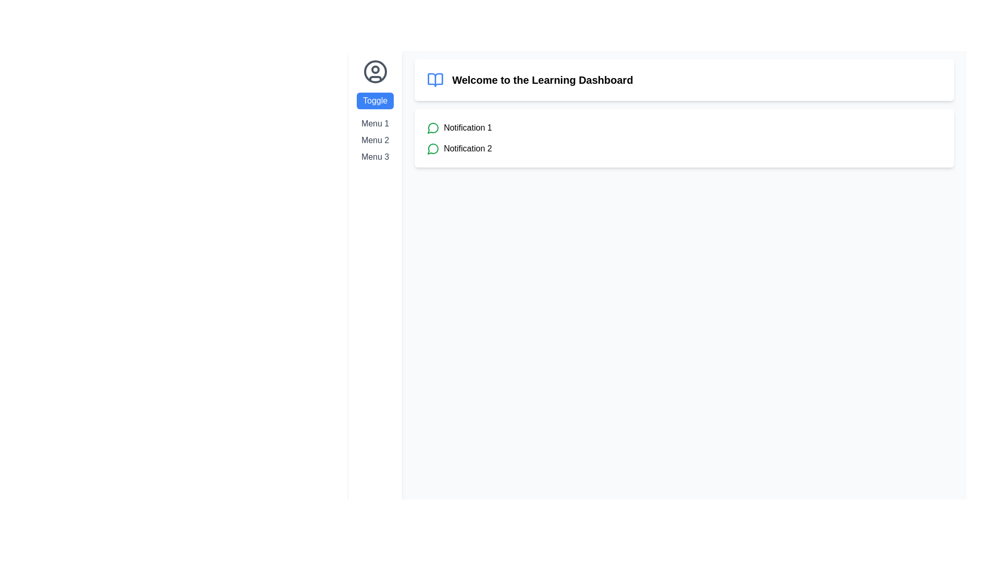 The width and height of the screenshot is (1000, 562). What do you see at coordinates (375, 70) in the screenshot?
I see `the small circular shape element within the user profile icon located on the left sidebar of the interface` at bounding box center [375, 70].